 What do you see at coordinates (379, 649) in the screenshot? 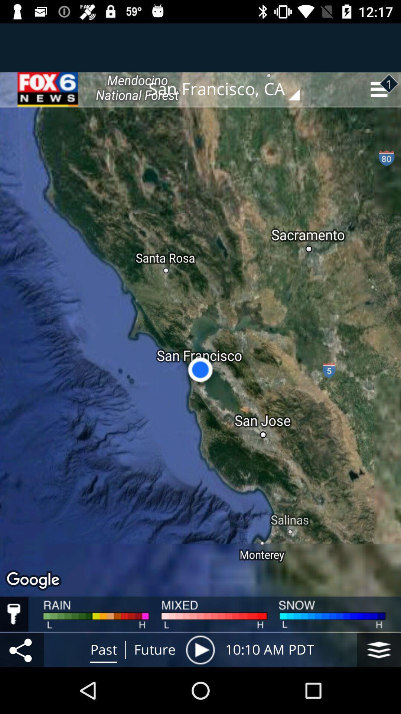
I see `the layers icon` at bounding box center [379, 649].